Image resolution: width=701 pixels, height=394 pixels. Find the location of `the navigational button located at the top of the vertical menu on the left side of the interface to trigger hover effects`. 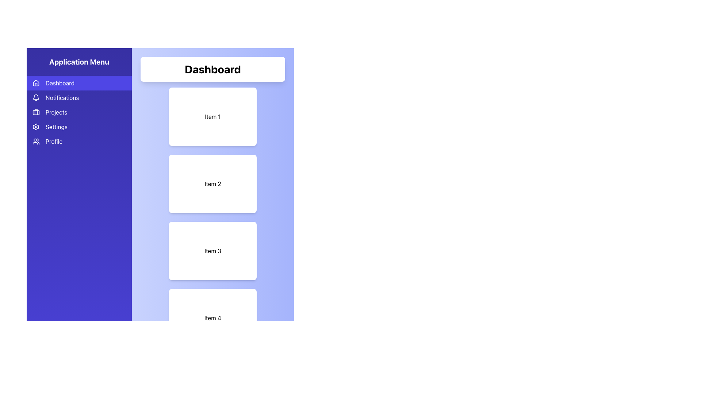

the navigational button located at the top of the vertical menu on the left side of the interface to trigger hover effects is located at coordinates (79, 82).